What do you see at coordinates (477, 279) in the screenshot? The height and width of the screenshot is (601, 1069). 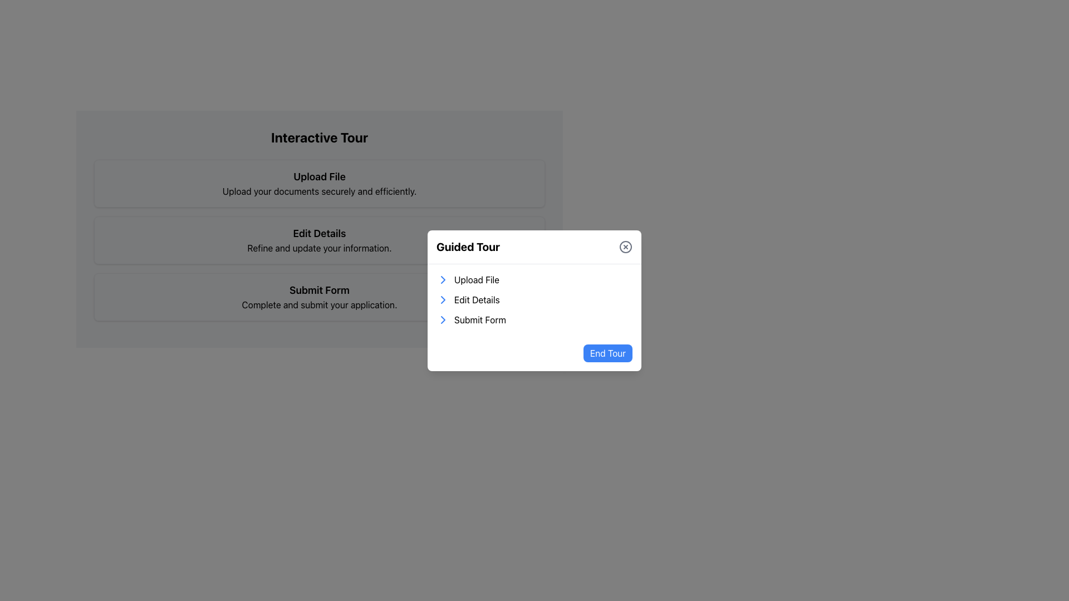 I see `the selectable text label located immediately to the right of the chevron icon in the 'Guided Tour' popup` at bounding box center [477, 279].